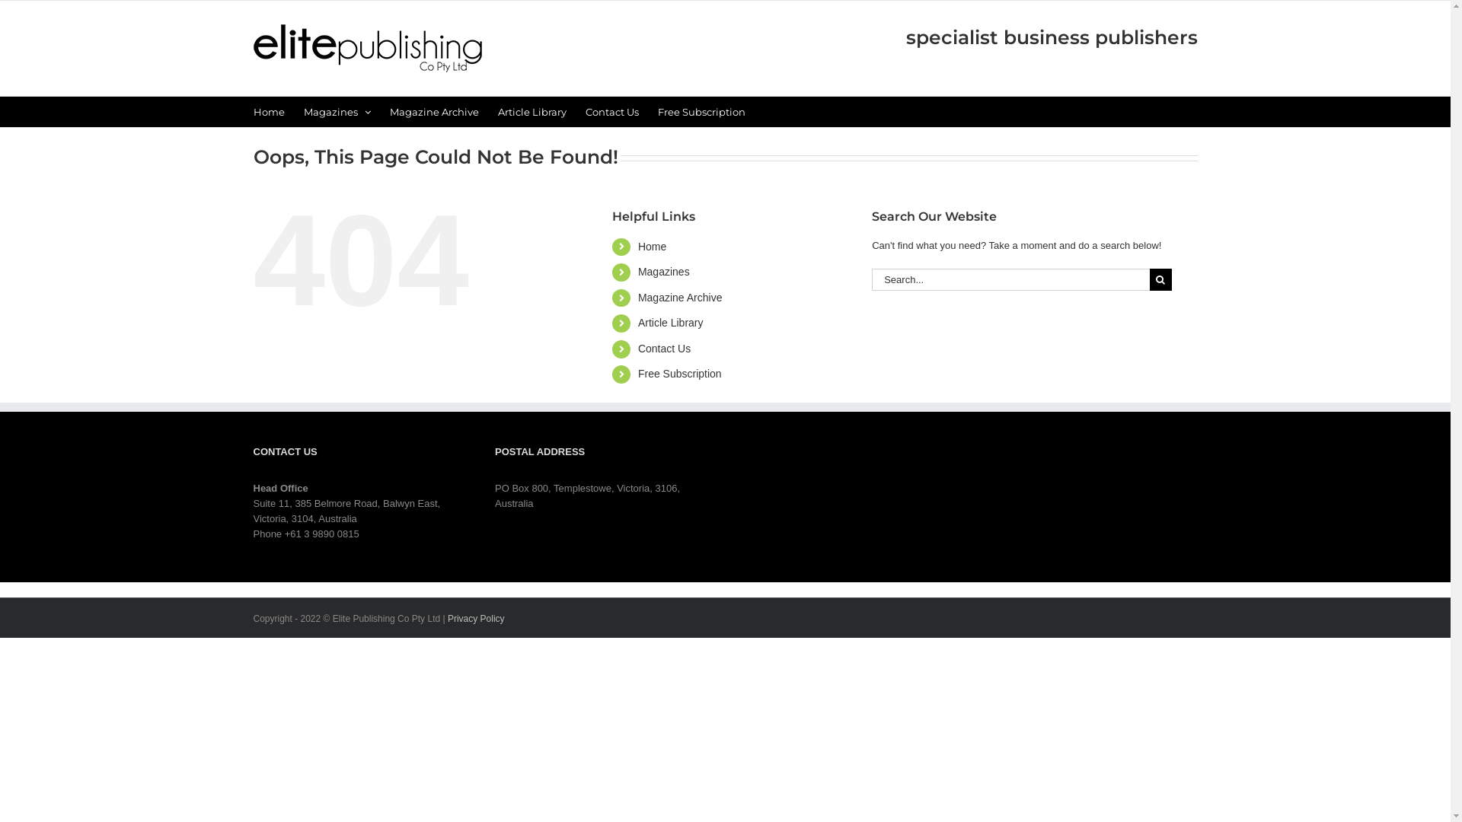 The height and width of the screenshot is (822, 1462). Describe the element at coordinates (664, 349) in the screenshot. I see `'Contact Us'` at that location.